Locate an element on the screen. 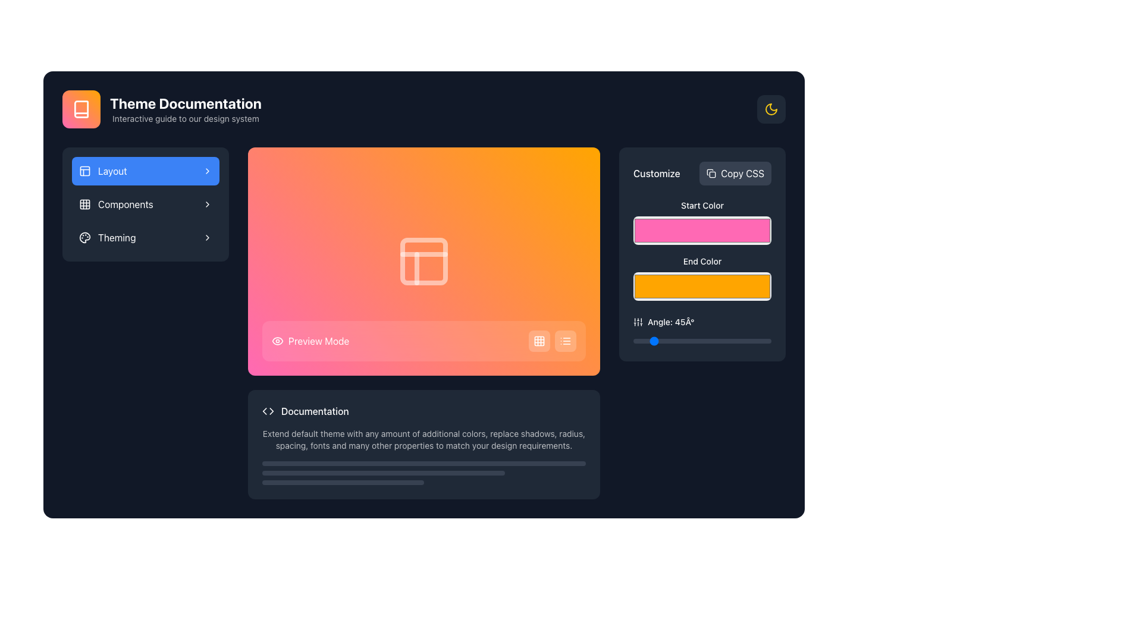 This screenshot has width=1142, height=642. the 'Theming' text label in the navigation menu for additional context is located at coordinates (117, 238).